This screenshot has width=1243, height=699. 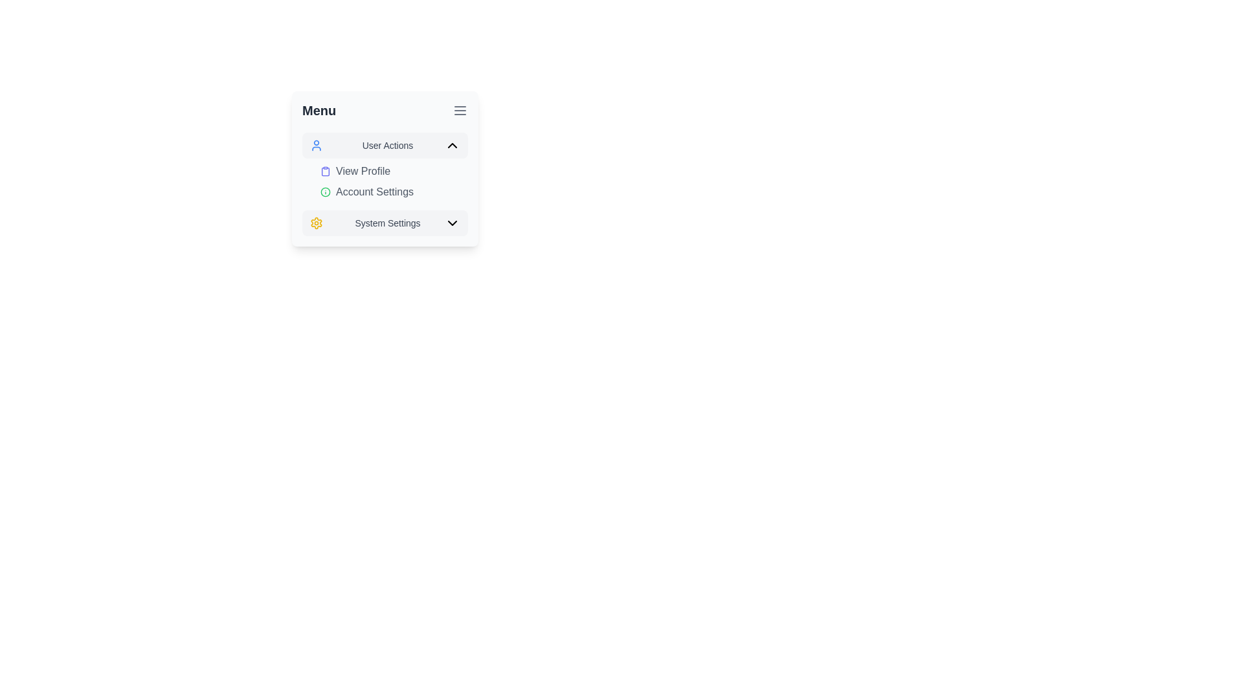 I want to click on the blue outlined user profile picture icon located within the 'User Actions' menu, positioned to the left of the text label 'User Actions', so click(x=317, y=145).